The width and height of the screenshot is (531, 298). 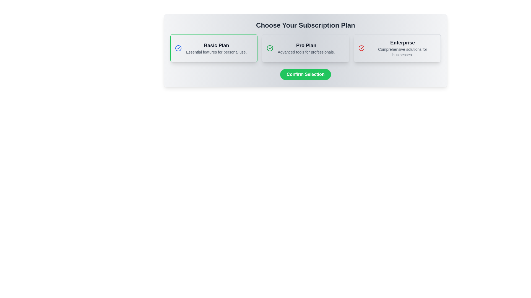 What do you see at coordinates (216, 45) in the screenshot?
I see `the 'Basic Plan' text label, which is bold and black on a light background, positioned at the top of its content card on the left side among subscription options` at bounding box center [216, 45].